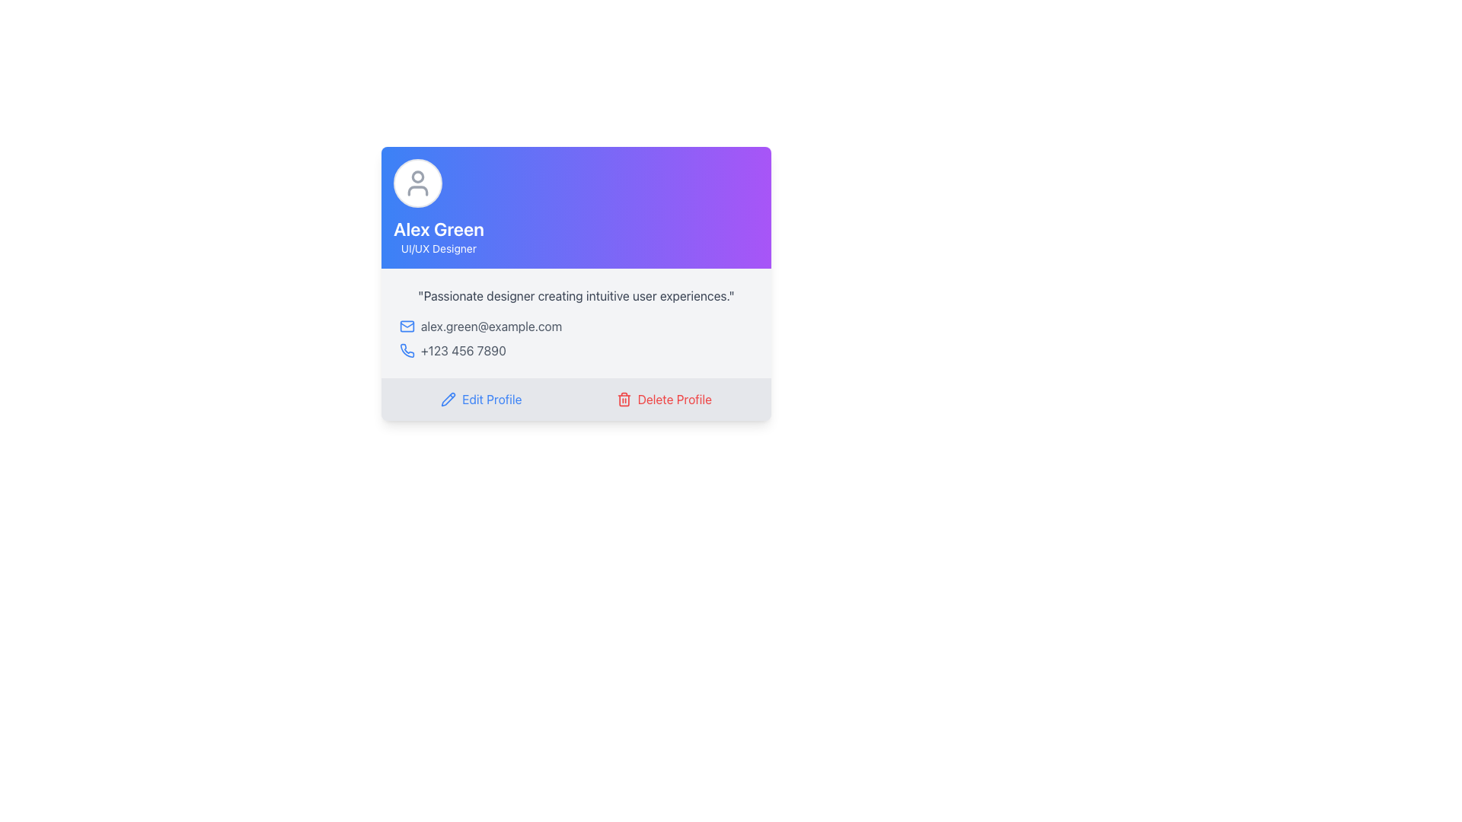  What do you see at coordinates (624, 398) in the screenshot?
I see `the trash icon located to the left of the 'Delete Profile' text in the bottom-right section of the profile card` at bounding box center [624, 398].